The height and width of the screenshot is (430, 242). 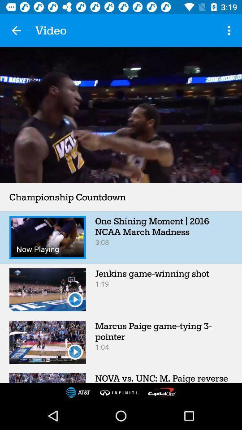 I want to click on icon next to video, so click(x=230, y=30).